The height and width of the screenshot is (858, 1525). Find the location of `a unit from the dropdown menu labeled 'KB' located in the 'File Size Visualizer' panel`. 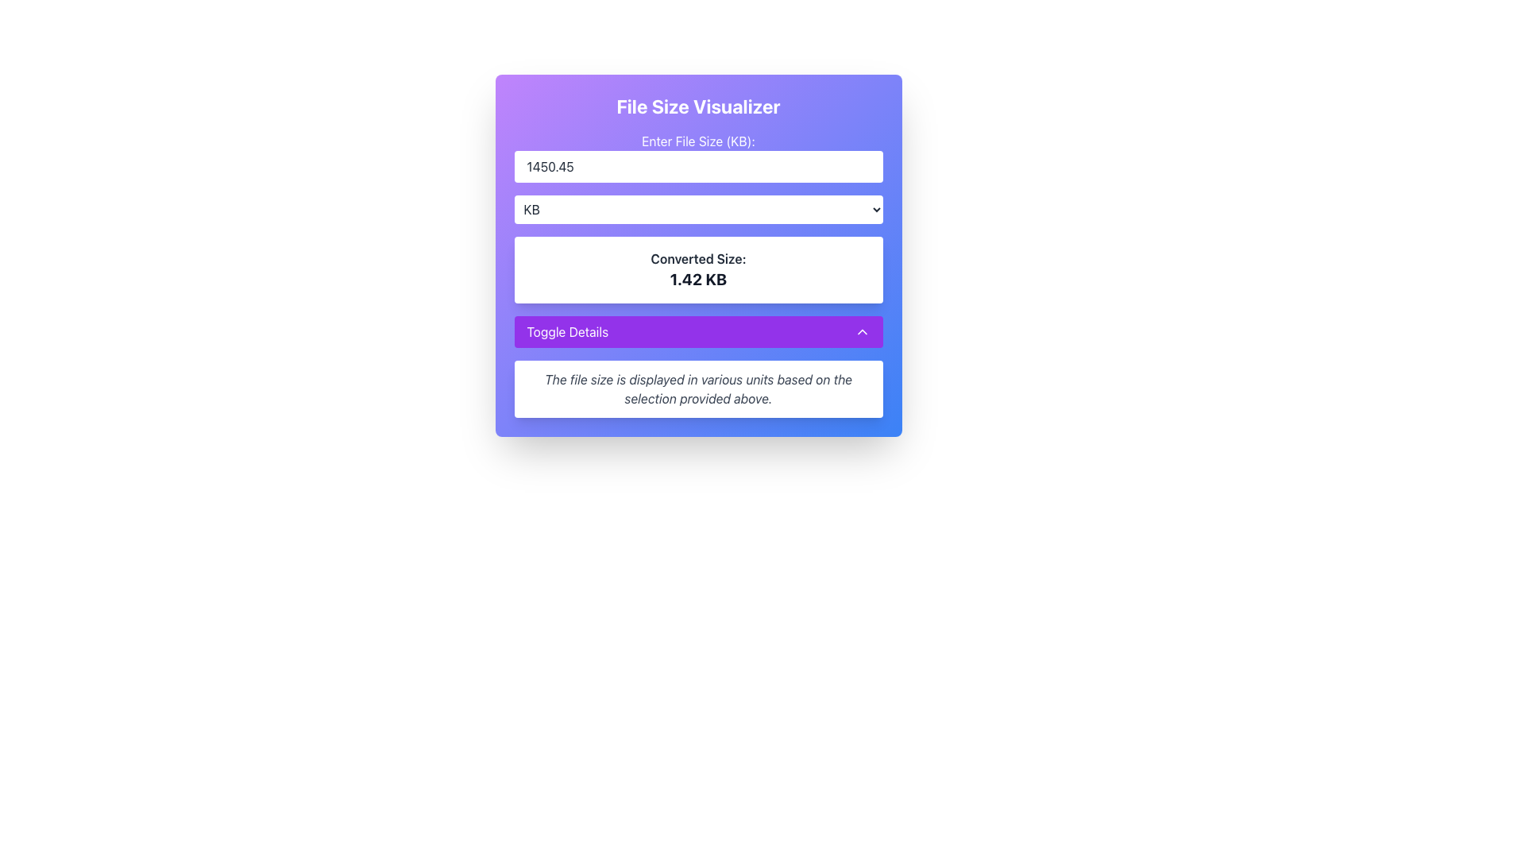

a unit from the dropdown menu labeled 'KB' located in the 'File Size Visualizer' panel is located at coordinates (698, 208).